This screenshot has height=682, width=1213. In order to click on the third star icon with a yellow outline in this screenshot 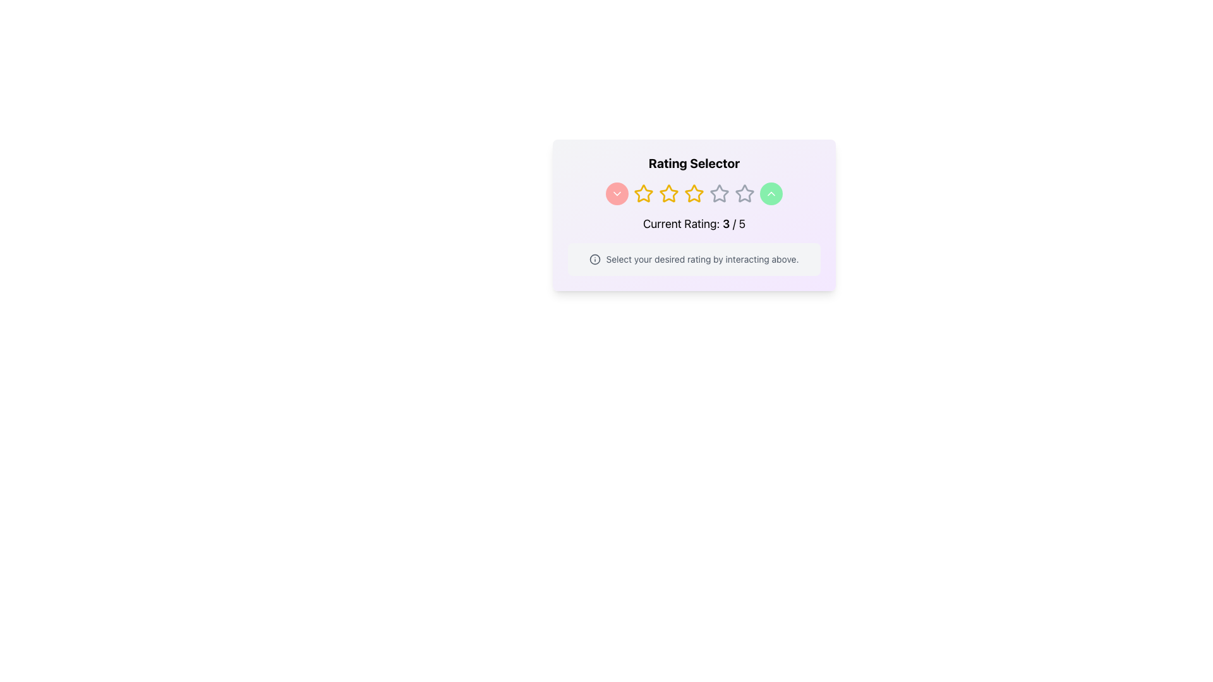, I will do `click(693, 193)`.